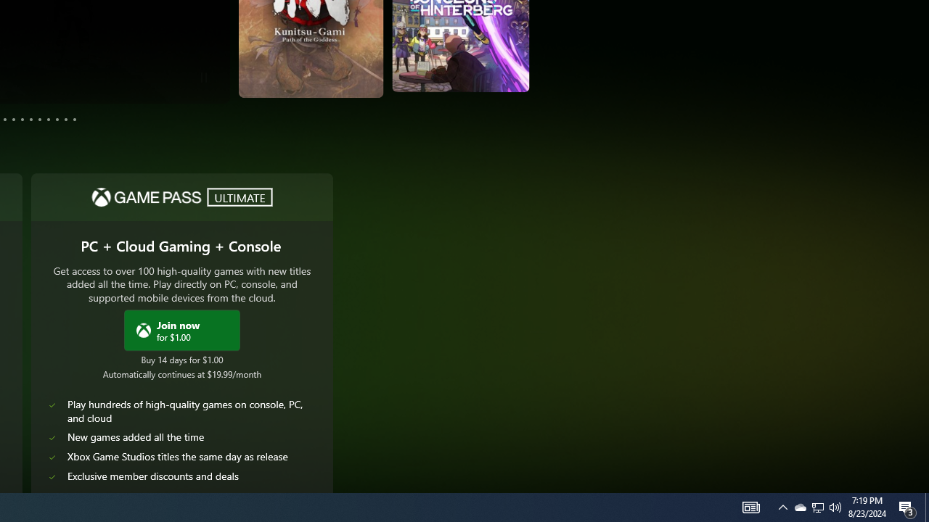 This screenshot has height=522, width=929. What do you see at coordinates (65, 118) in the screenshot?
I see `'Page 11'` at bounding box center [65, 118].